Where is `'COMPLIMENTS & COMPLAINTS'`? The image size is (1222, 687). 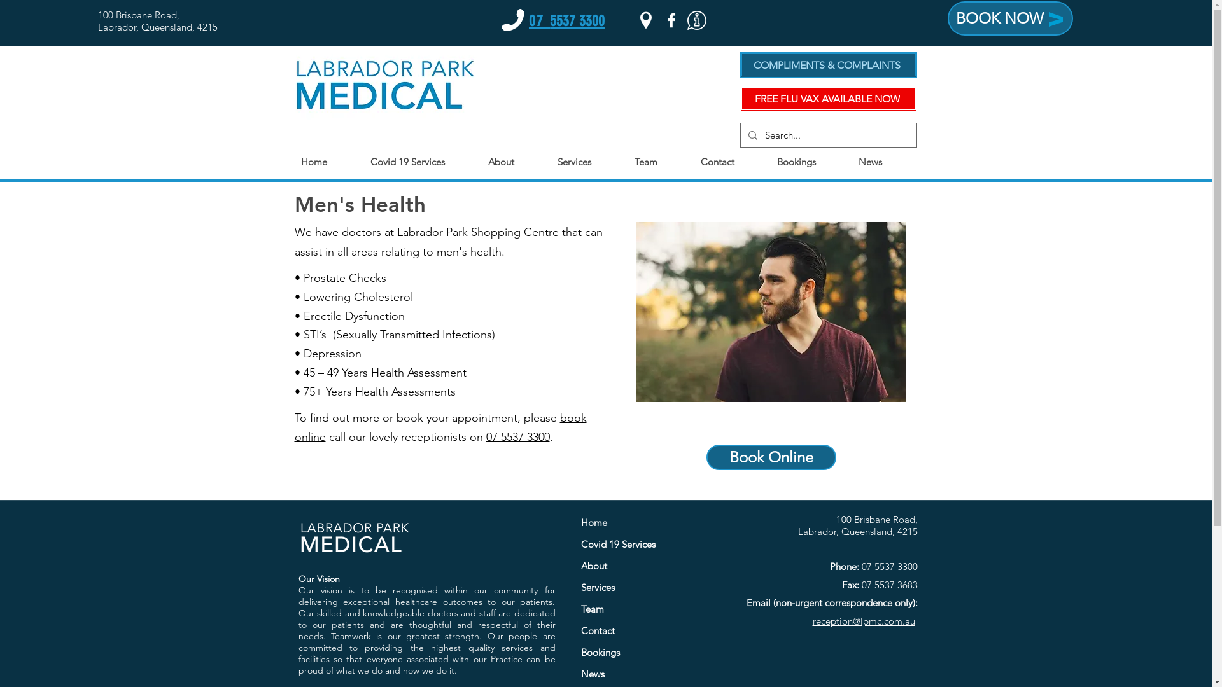 'COMPLIMENTS & COMPLAINTS' is located at coordinates (827, 64).